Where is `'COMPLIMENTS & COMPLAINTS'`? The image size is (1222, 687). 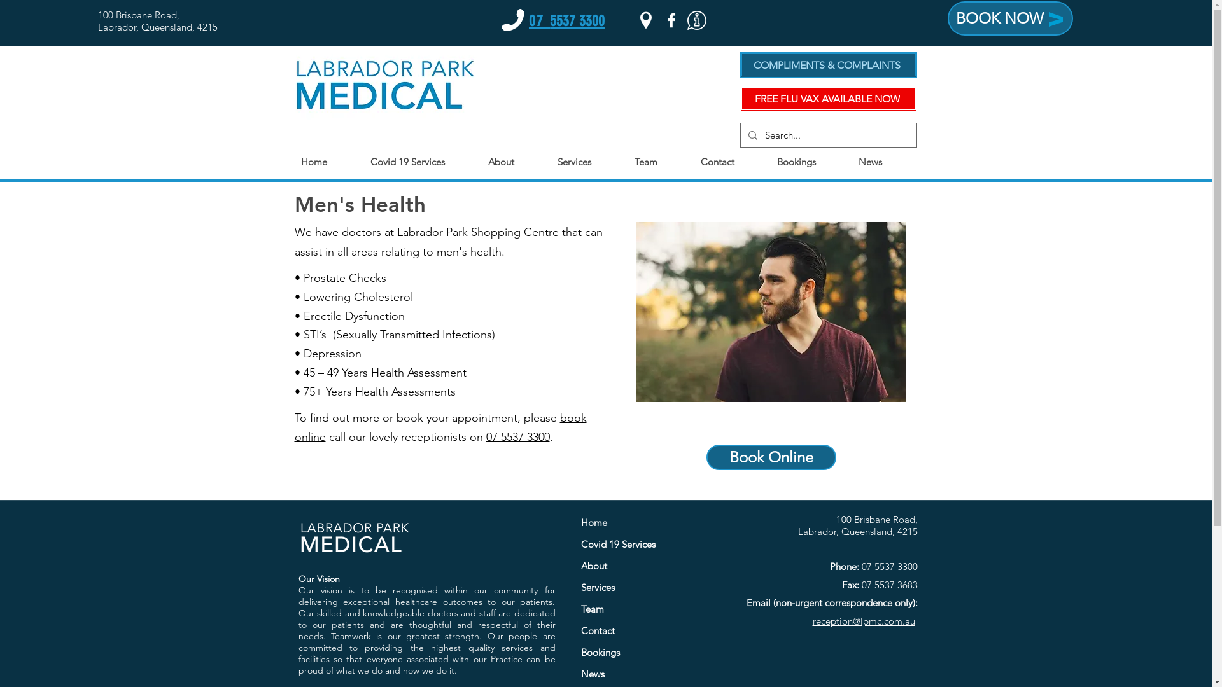 'COMPLIMENTS & COMPLAINTS' is located at coordinates (827, 64).